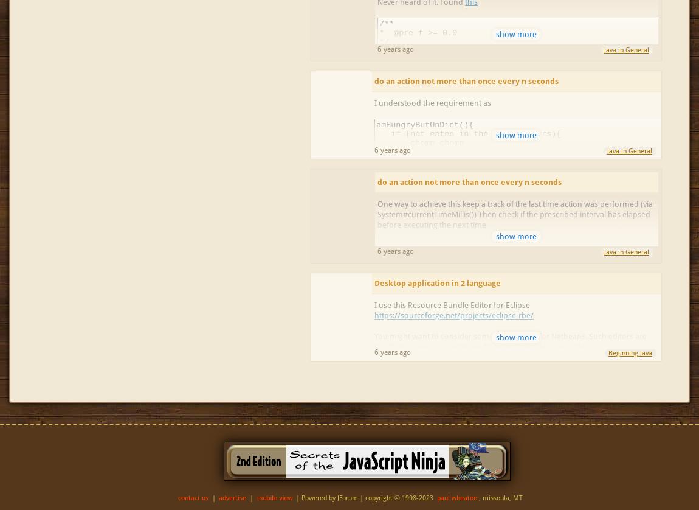 The image size is (699, 510). What do you see at coordinates (514, 134) in the screenshot?
I see `'Clients who use that method are responsible for adhering to that precondition.'` at bounding box center [514, 134].